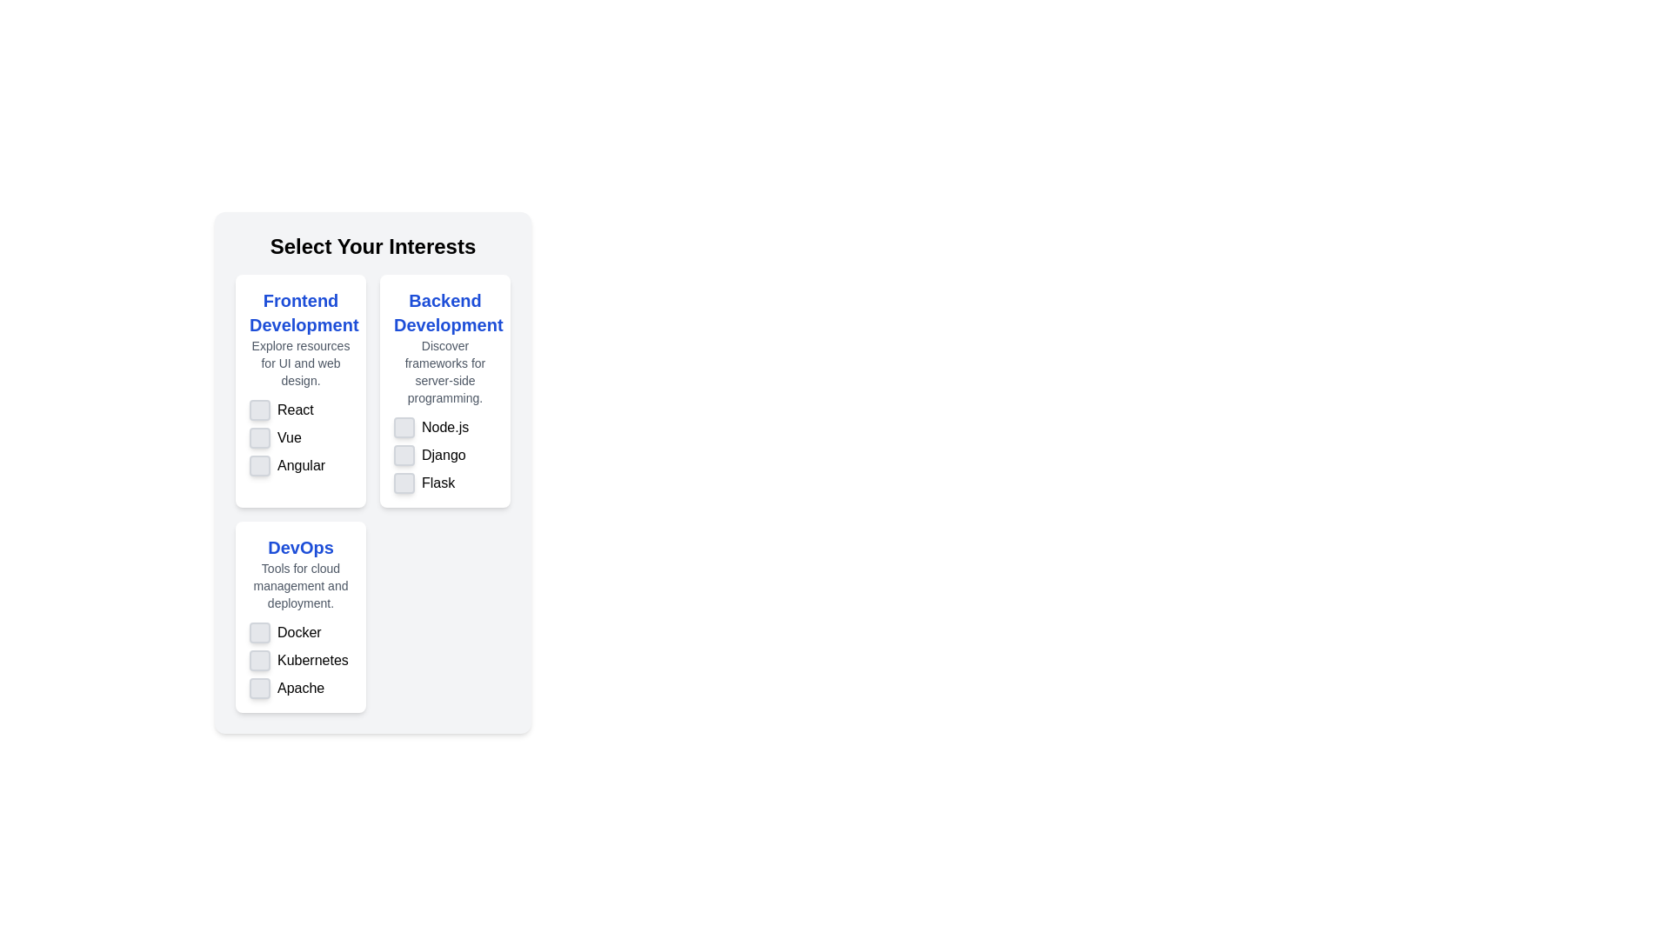 Image resolution: width=1670 pixels, height=939 pixels. Describe the element at coordinates (404, 483) in the screenshot. I see `the checkbox for 'Flask' in the 'Backend Development' section` at that location.